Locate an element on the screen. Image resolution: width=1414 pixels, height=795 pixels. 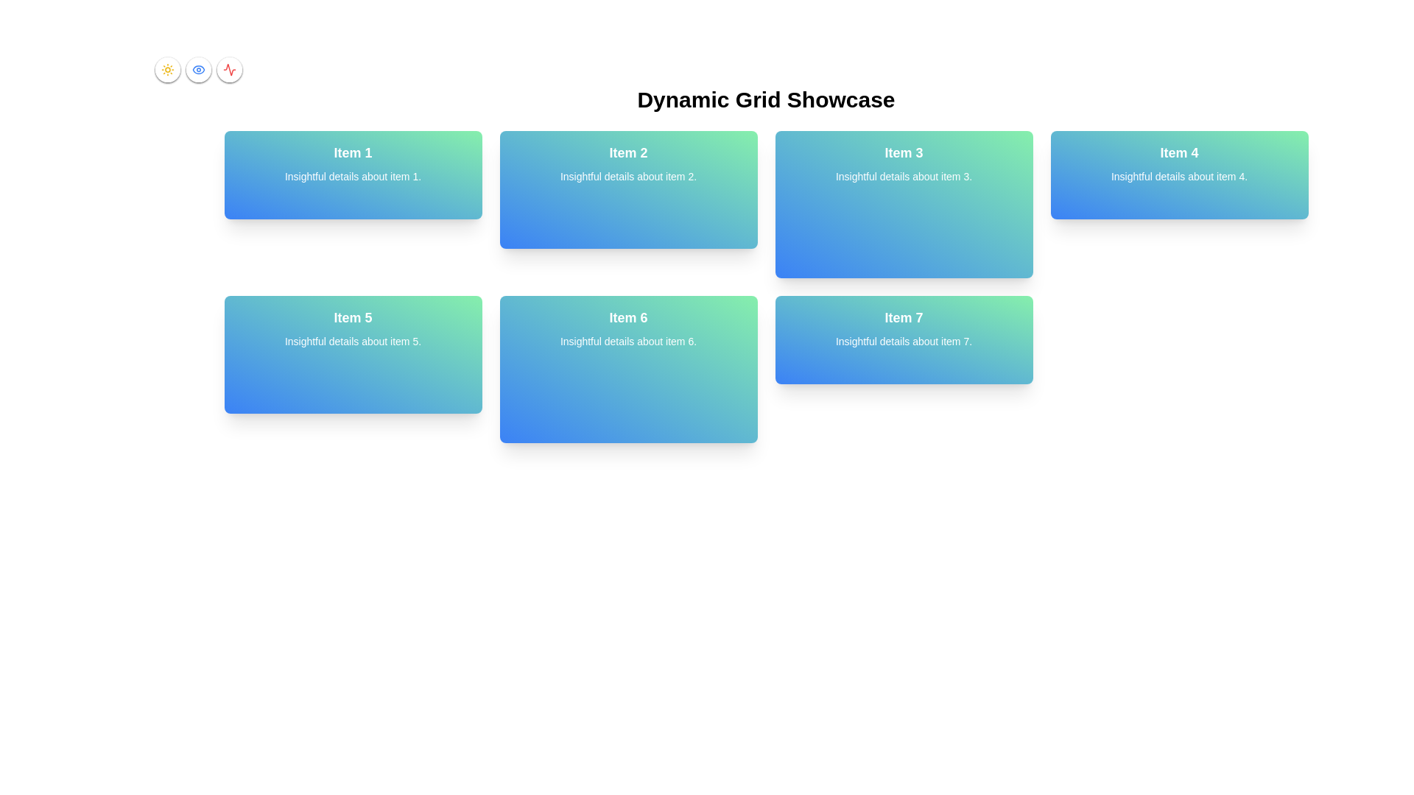
the text label reading 'Insightful details about item 6.' located in the lower section of the card labeled 'Item 6' is located at coordinates (628, 341).